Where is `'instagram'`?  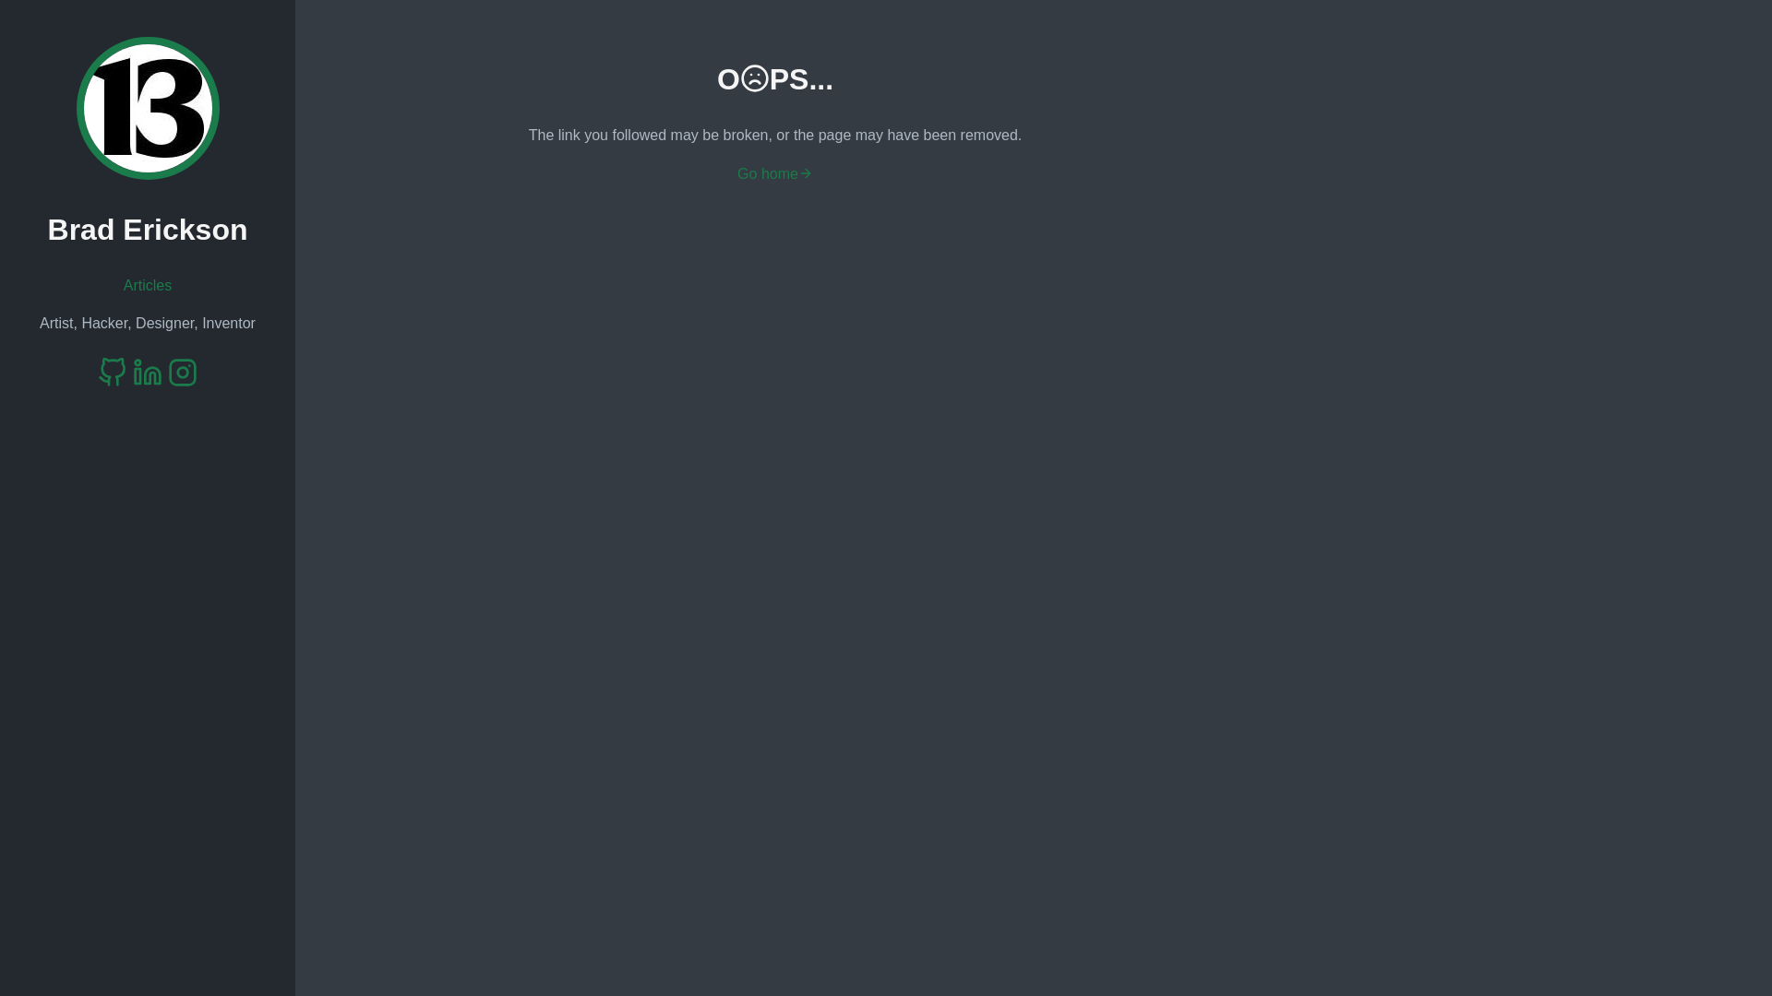 'instagram' is located at coordinates (182, 373).